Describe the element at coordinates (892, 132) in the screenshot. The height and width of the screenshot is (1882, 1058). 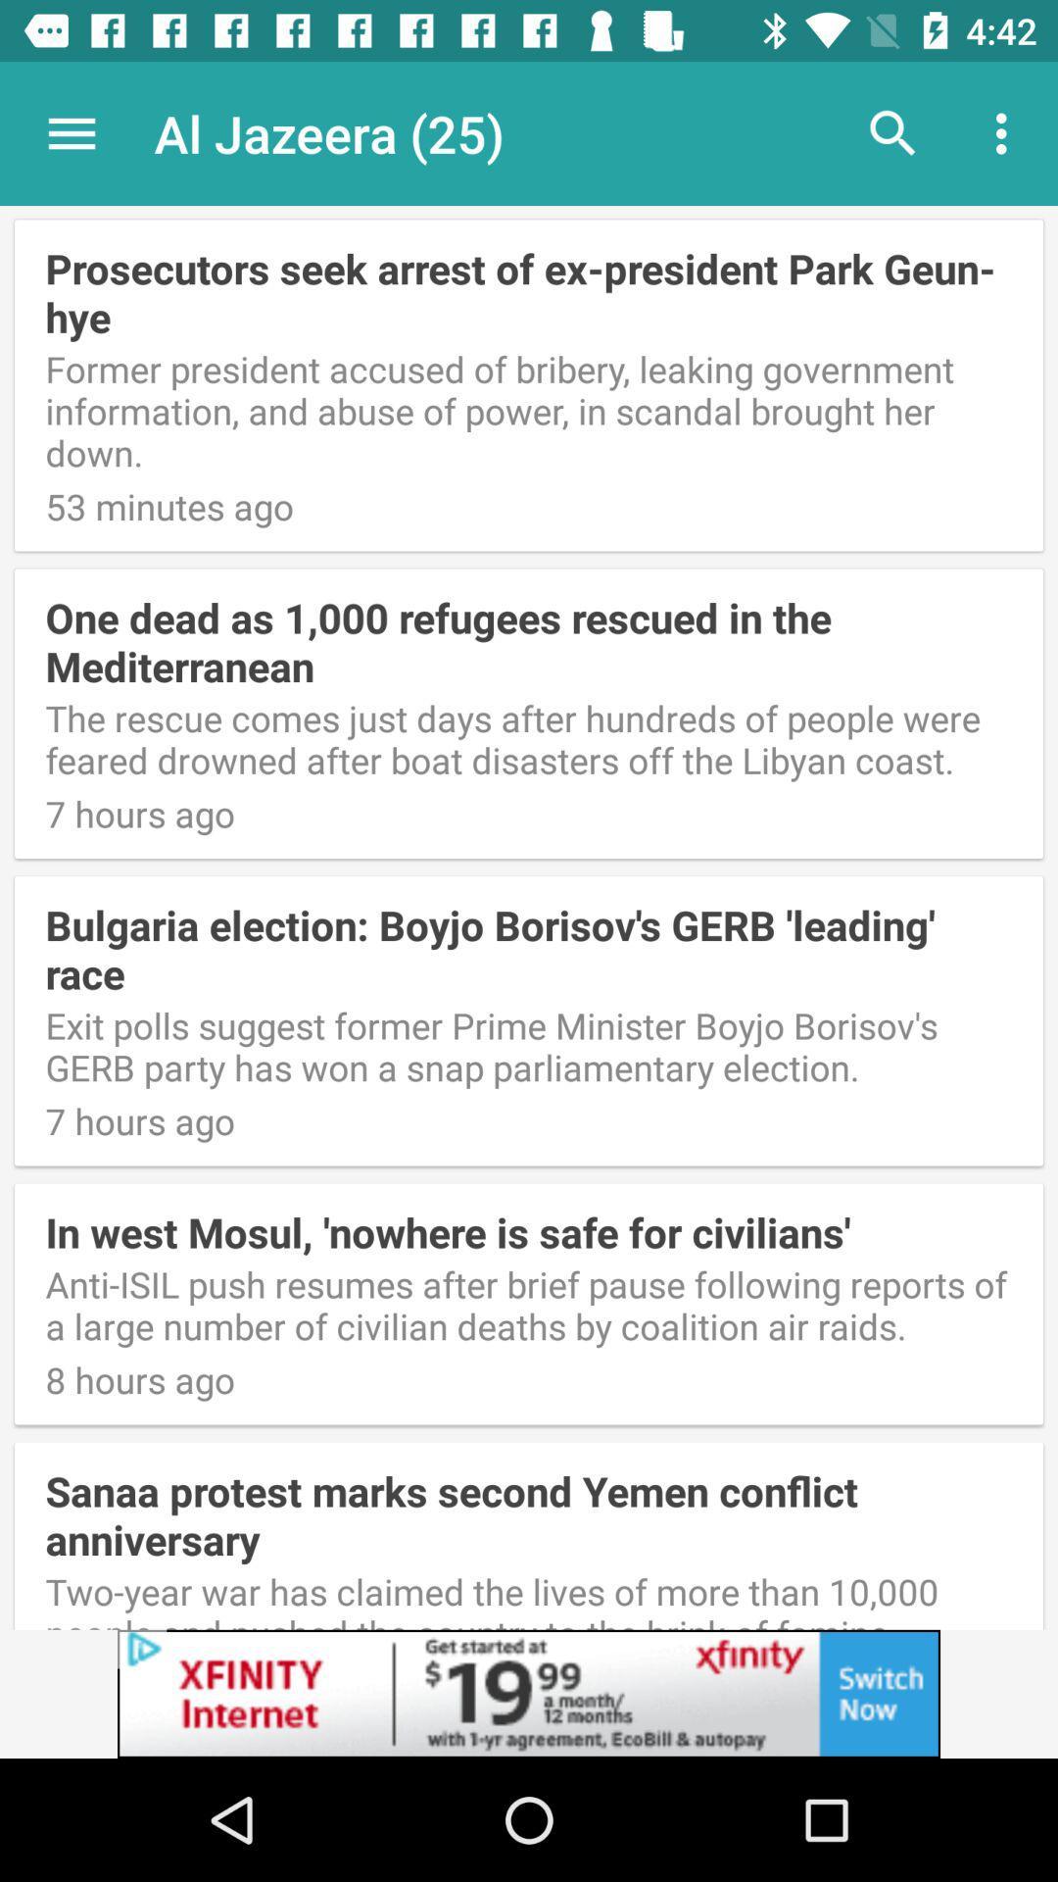
I see `icon next to the al jazeera (25) icon` at that location.